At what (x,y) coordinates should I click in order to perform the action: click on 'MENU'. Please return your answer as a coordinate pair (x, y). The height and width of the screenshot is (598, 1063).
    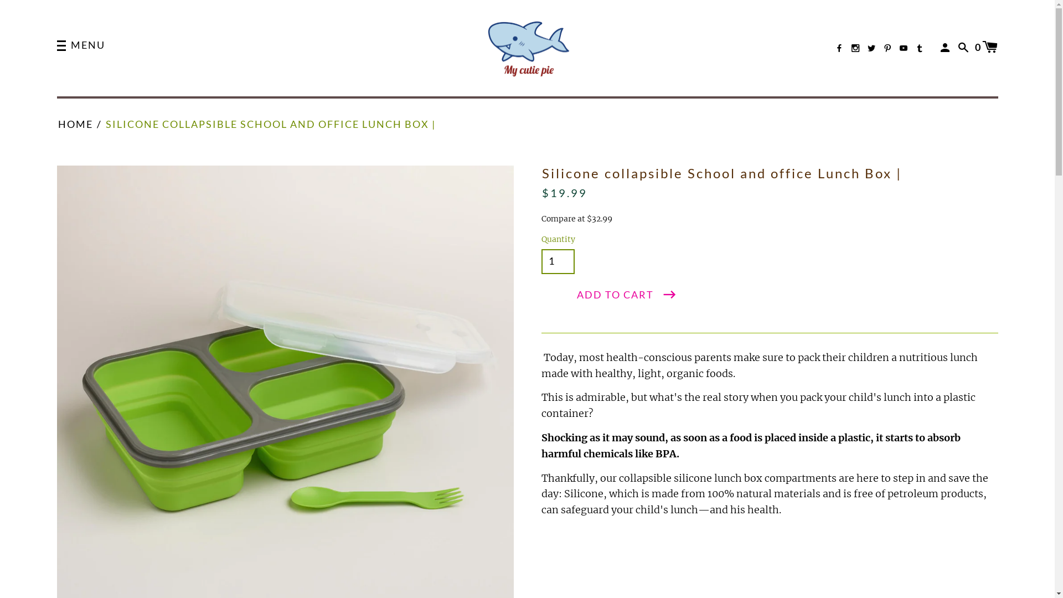
    Looking at the image, I should click on (80, 46).